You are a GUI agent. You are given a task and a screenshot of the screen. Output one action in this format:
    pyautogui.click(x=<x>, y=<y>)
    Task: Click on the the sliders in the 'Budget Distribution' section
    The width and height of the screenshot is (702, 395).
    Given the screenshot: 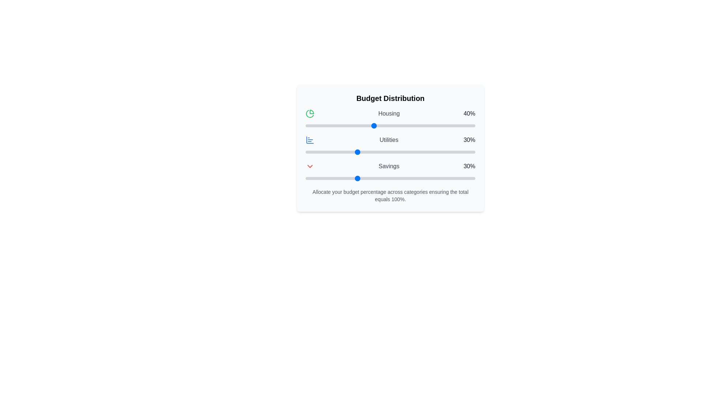 What is the action you would take?
    pyautogui.click(x=390, y=148)
    